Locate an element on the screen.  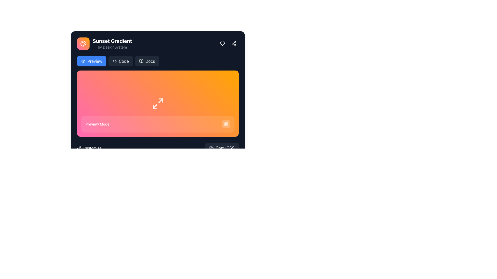
the heart-shaped icon with a hollow center, located in the top-right corner of the interface is located at coordinates (222, 43).